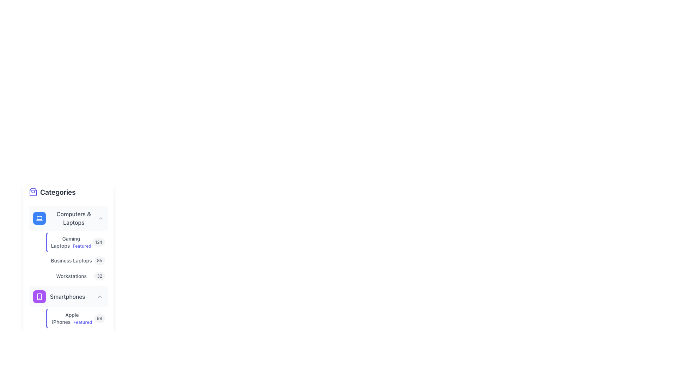 The image size is (677, 381). What do you see at coordinates (67, 296) in the screenshot?
I see `'Smartphones' category label text located under the 'Categories' menu, positioned between 'Computers & Laptops' and 'Apple iPhones'` at bounding box center [67, 296].